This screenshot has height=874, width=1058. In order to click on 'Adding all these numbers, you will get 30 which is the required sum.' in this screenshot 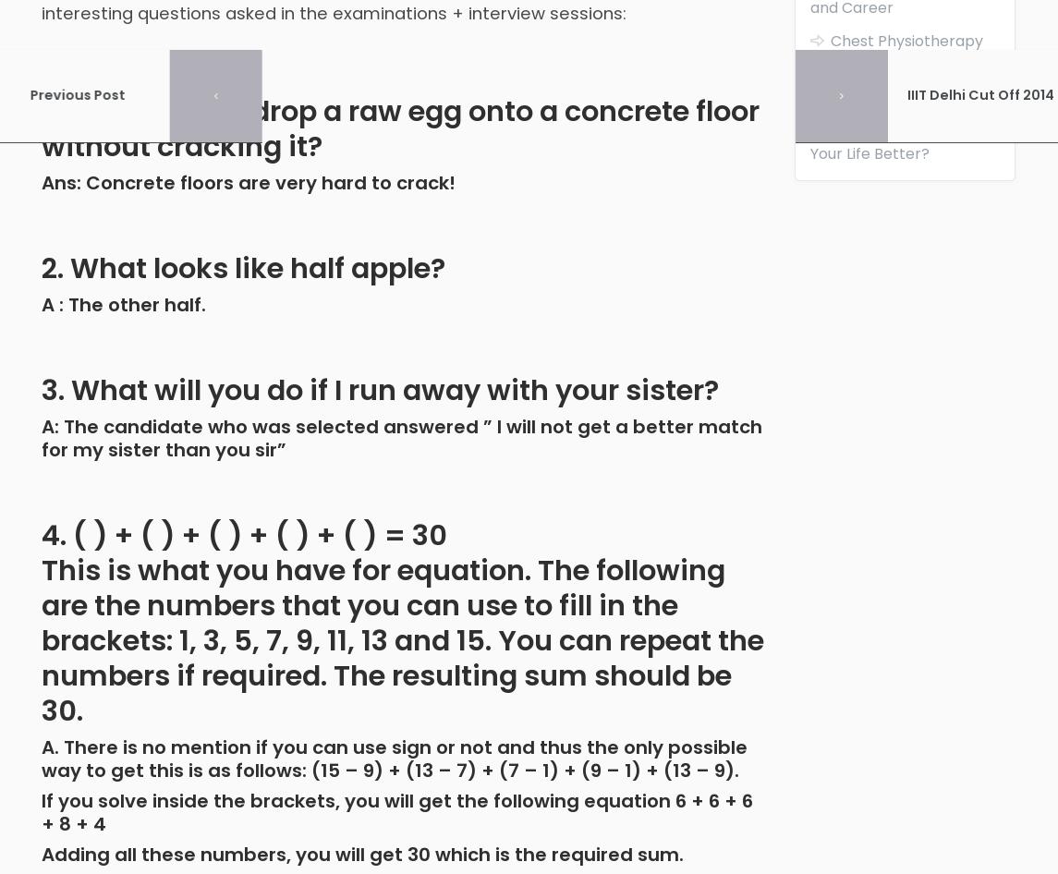, I will do `click(362, 852)`.